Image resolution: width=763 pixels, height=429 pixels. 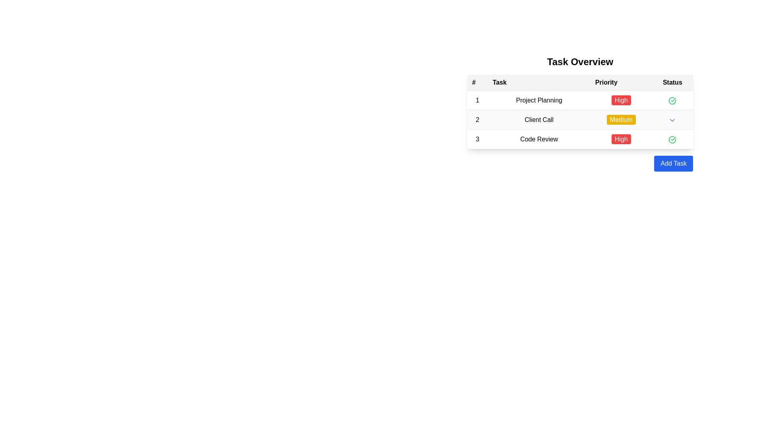 I want to click on the first row in the task details table titled 'Task Overview', which provides information about 'Project Planning', so click(x=580, y=100).